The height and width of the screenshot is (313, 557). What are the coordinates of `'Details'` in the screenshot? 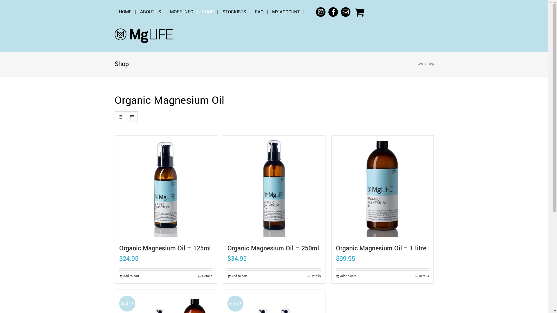 It's located at (422, 276).